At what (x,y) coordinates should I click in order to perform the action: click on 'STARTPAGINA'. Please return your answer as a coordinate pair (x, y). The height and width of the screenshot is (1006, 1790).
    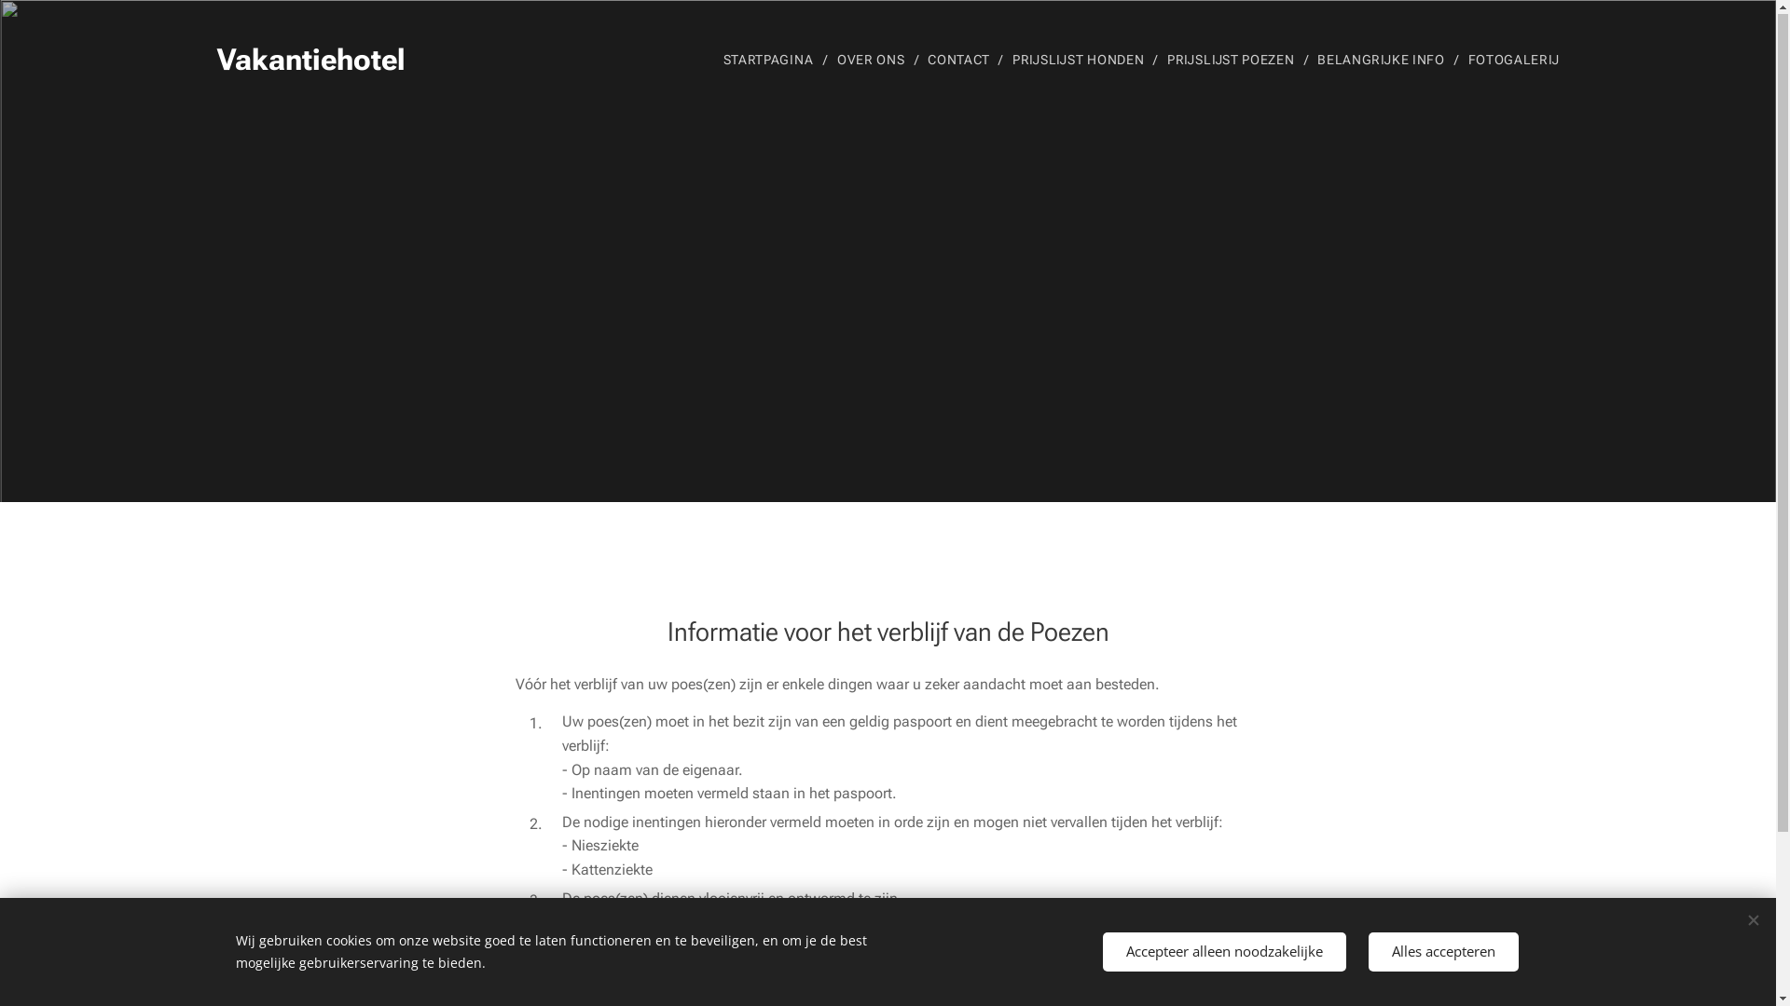
    Looking at the image, I should click on (773, 60).